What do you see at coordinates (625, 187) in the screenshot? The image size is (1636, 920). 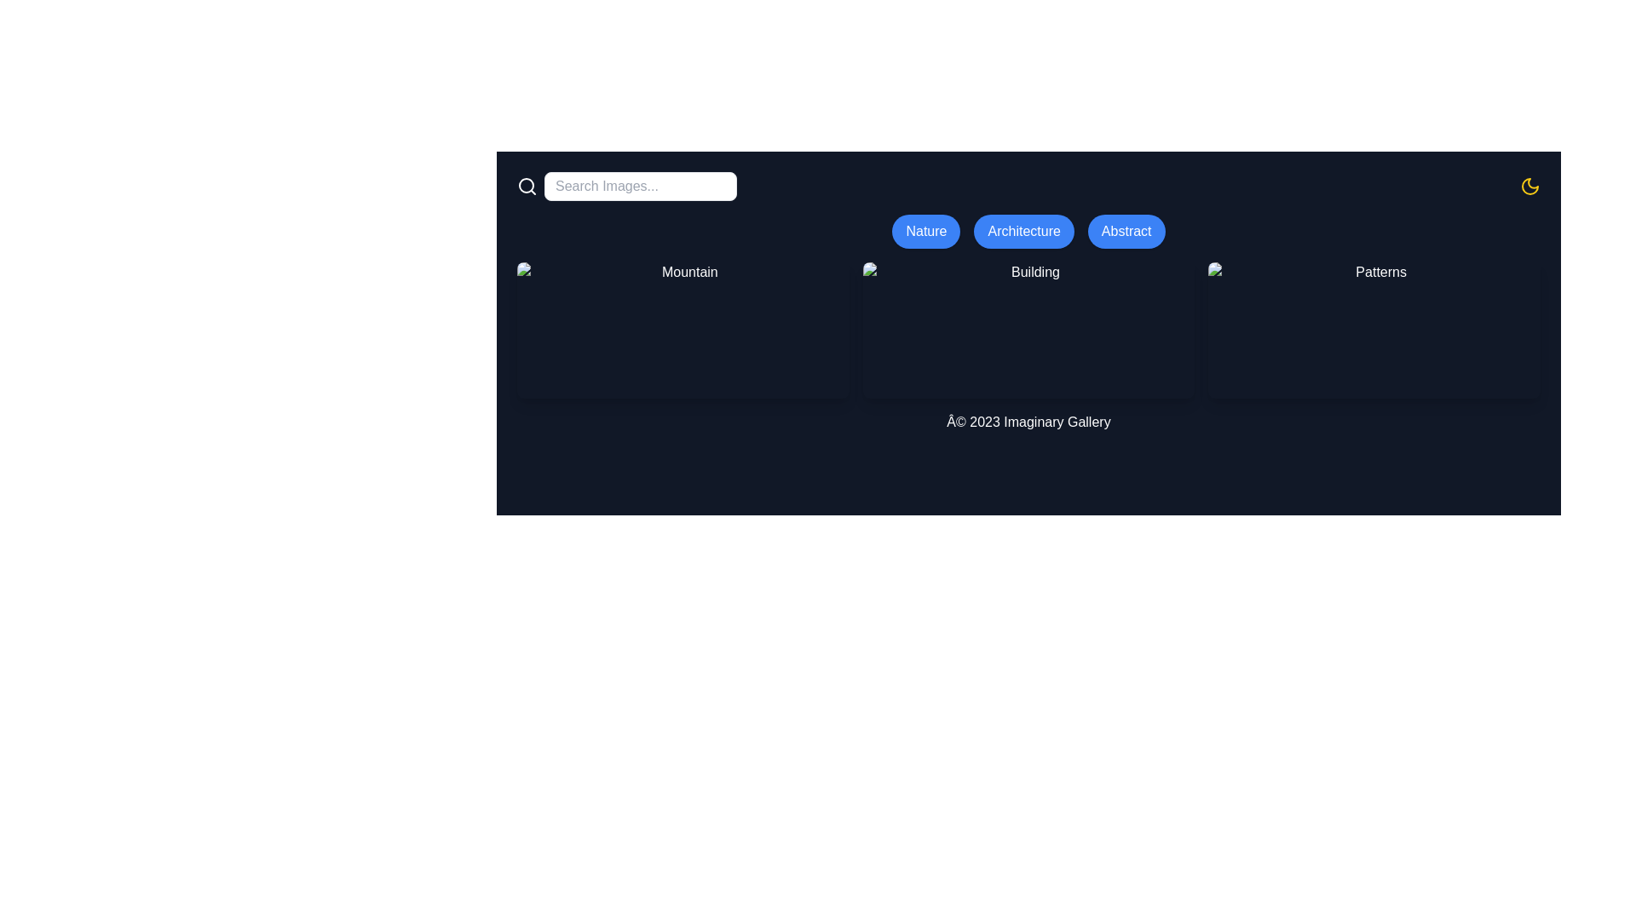 I see `the search input field with placeholder text 'Search Images...' to focus on it for typing` at bounding box center [625, 187].